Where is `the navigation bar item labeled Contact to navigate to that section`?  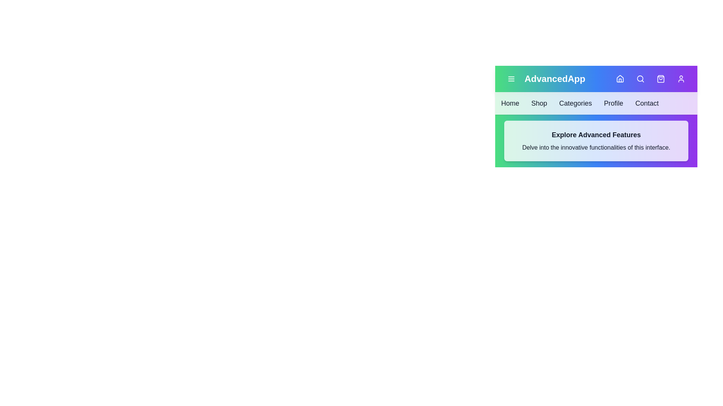
the navigation bar item labeled Contact to navigate to that section is located at coordinates (647, 103).